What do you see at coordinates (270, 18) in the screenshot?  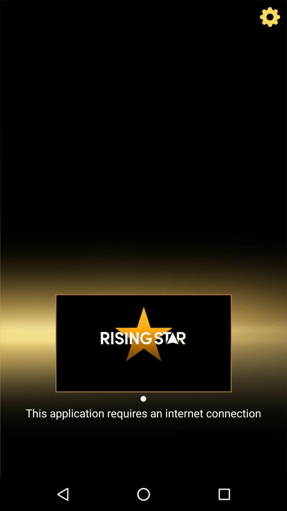 I see `the settings icon` at bounding box center [270, 18].